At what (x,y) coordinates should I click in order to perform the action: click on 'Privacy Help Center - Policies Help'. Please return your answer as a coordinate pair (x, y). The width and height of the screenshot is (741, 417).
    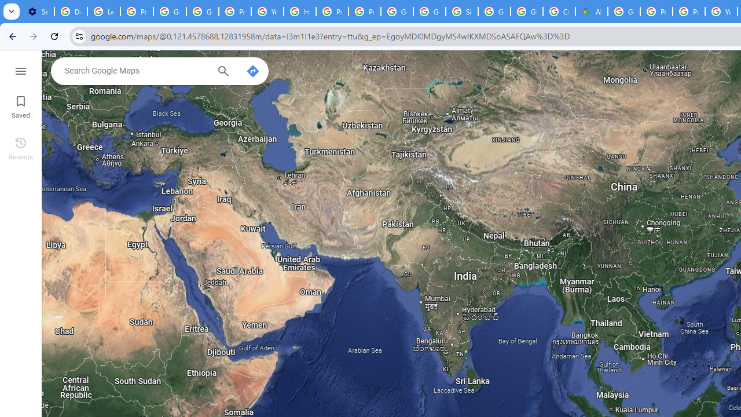
    Looking at the image, I should click on (689, 12).